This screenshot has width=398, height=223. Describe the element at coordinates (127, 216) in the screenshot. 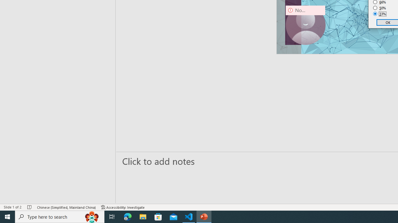

I see `'Microsoft Edge'` at that location.